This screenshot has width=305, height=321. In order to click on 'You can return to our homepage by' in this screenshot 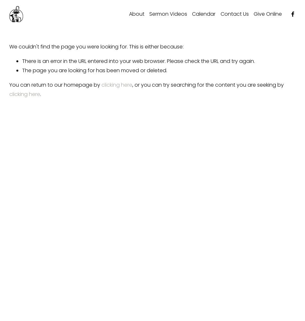, I will do `click(9, 84)`.